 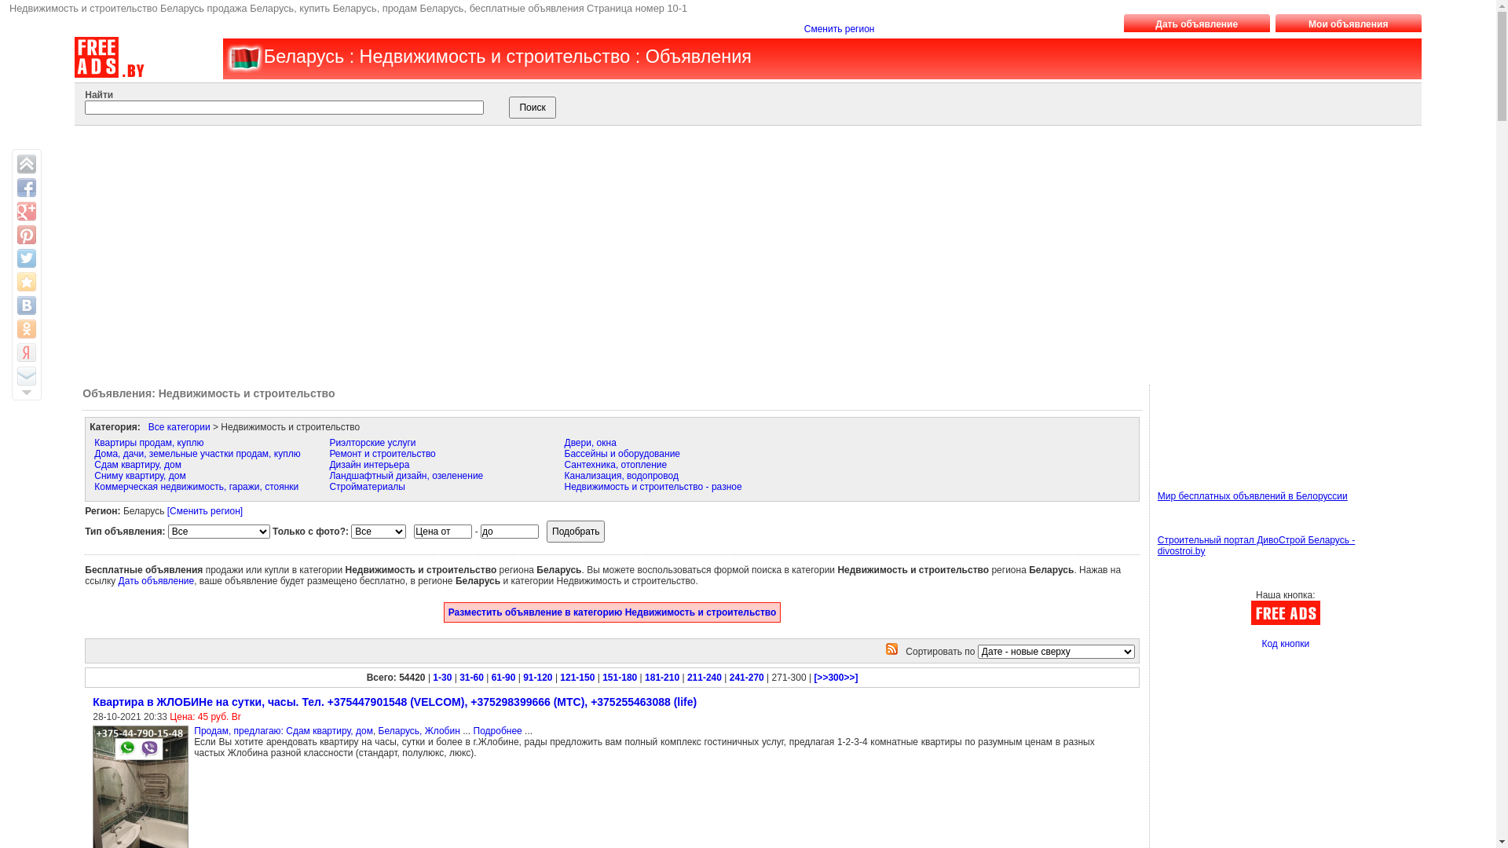 What do you see at coordinates (26, 351) in the screenshot?
I see `'Save to Yandex Bookmarks'` at bounding box center [26, 351].